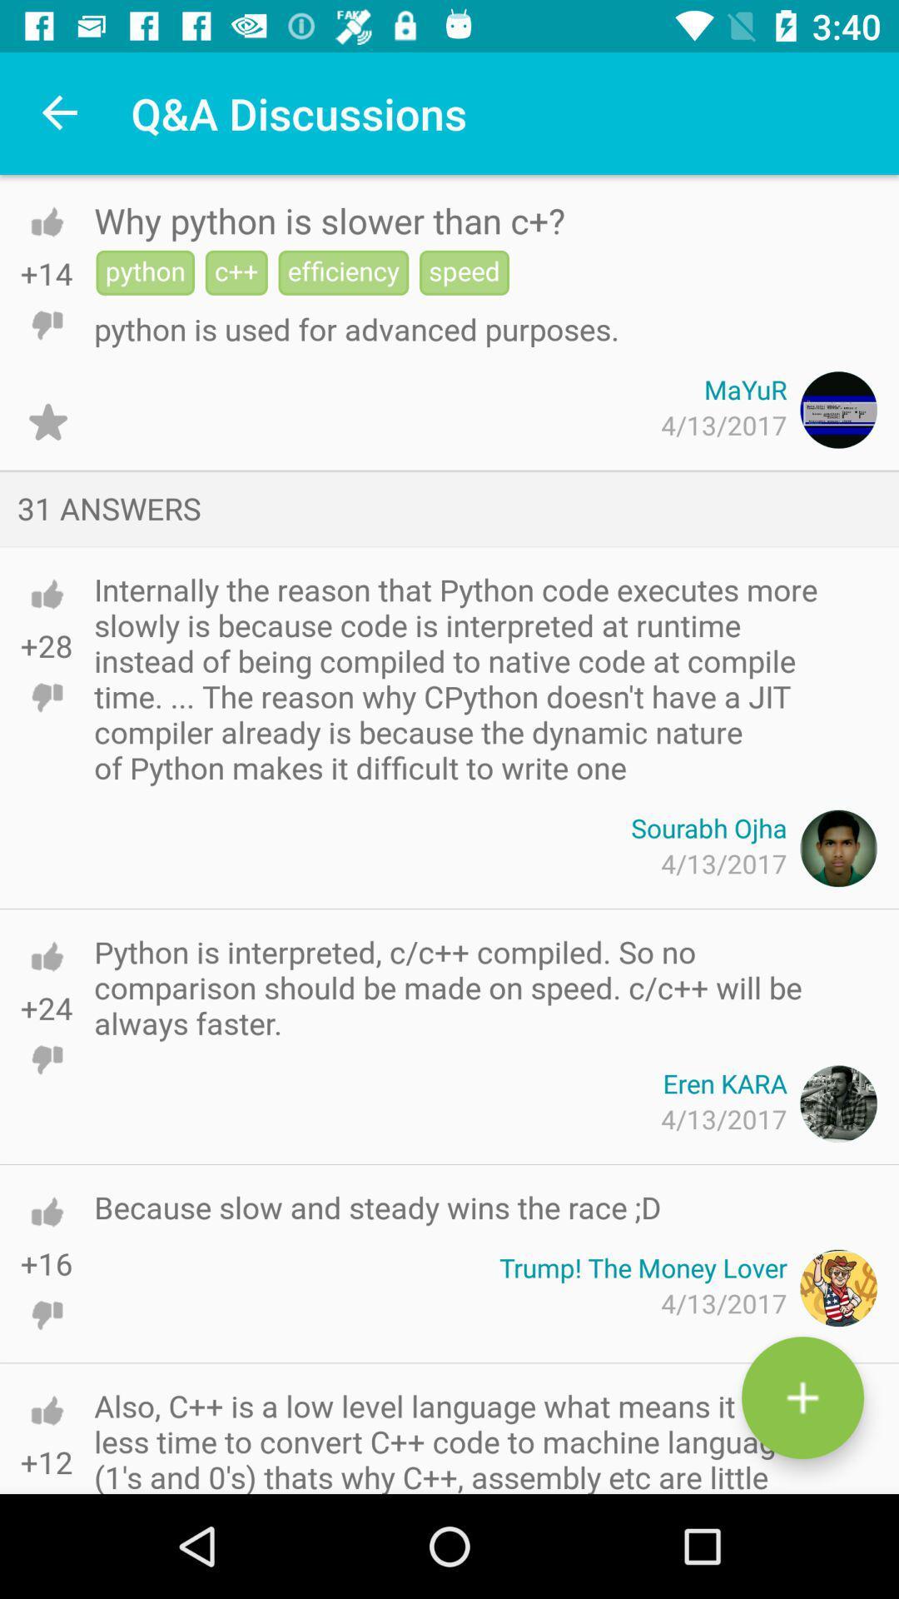 The width and height of the screenshot is (899, 1599). What do you see at coordinates (46, 1480) in the screenshot?
I see `dislike` at bounding box center [46, 1480].